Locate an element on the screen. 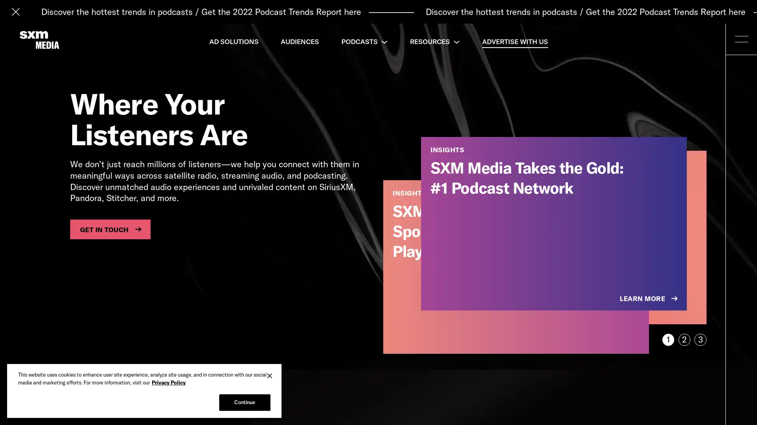 This screenshot has width=757, height=425. Close is located at coordinates (270, 375).